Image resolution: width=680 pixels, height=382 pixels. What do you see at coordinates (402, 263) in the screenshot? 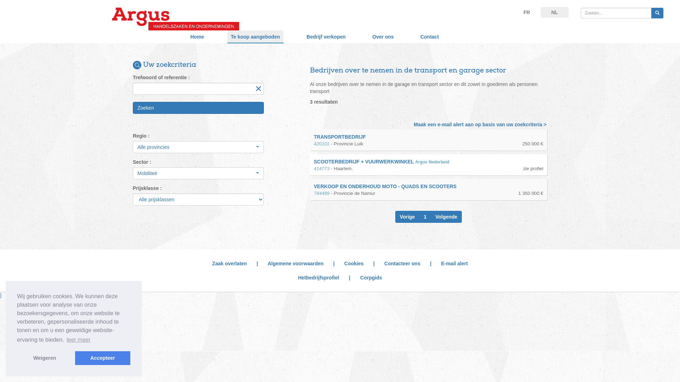
I see `'Contacteer ons'` at bounding box center [402, 263].